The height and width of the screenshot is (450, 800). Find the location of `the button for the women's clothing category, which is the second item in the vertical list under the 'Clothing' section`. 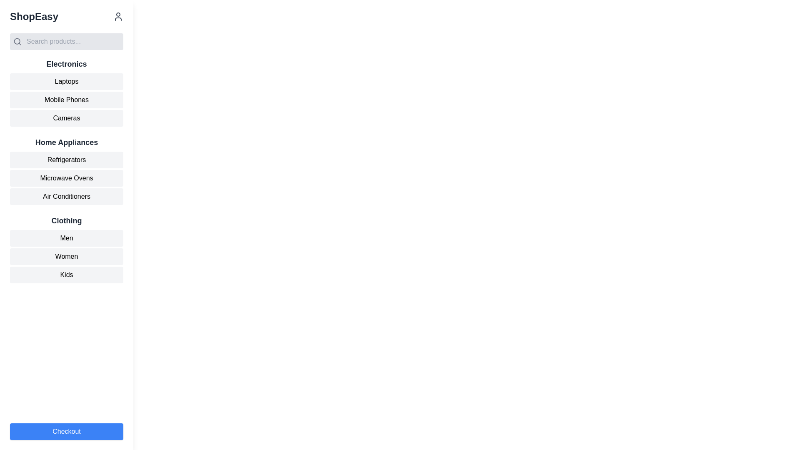

the button for the women's clothing category, which is the second item in the vertical list under the 'Clothing' section is located at coordinates (66, 256).